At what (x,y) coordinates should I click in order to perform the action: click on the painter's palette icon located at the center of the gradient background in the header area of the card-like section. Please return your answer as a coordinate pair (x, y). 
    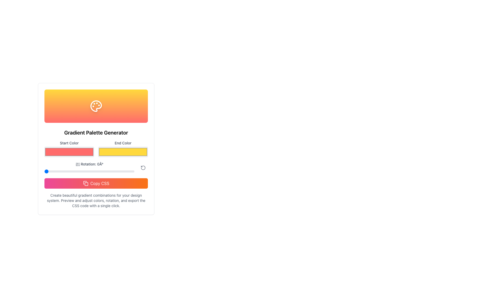
    Looking at the image, I should click on (96, 106).